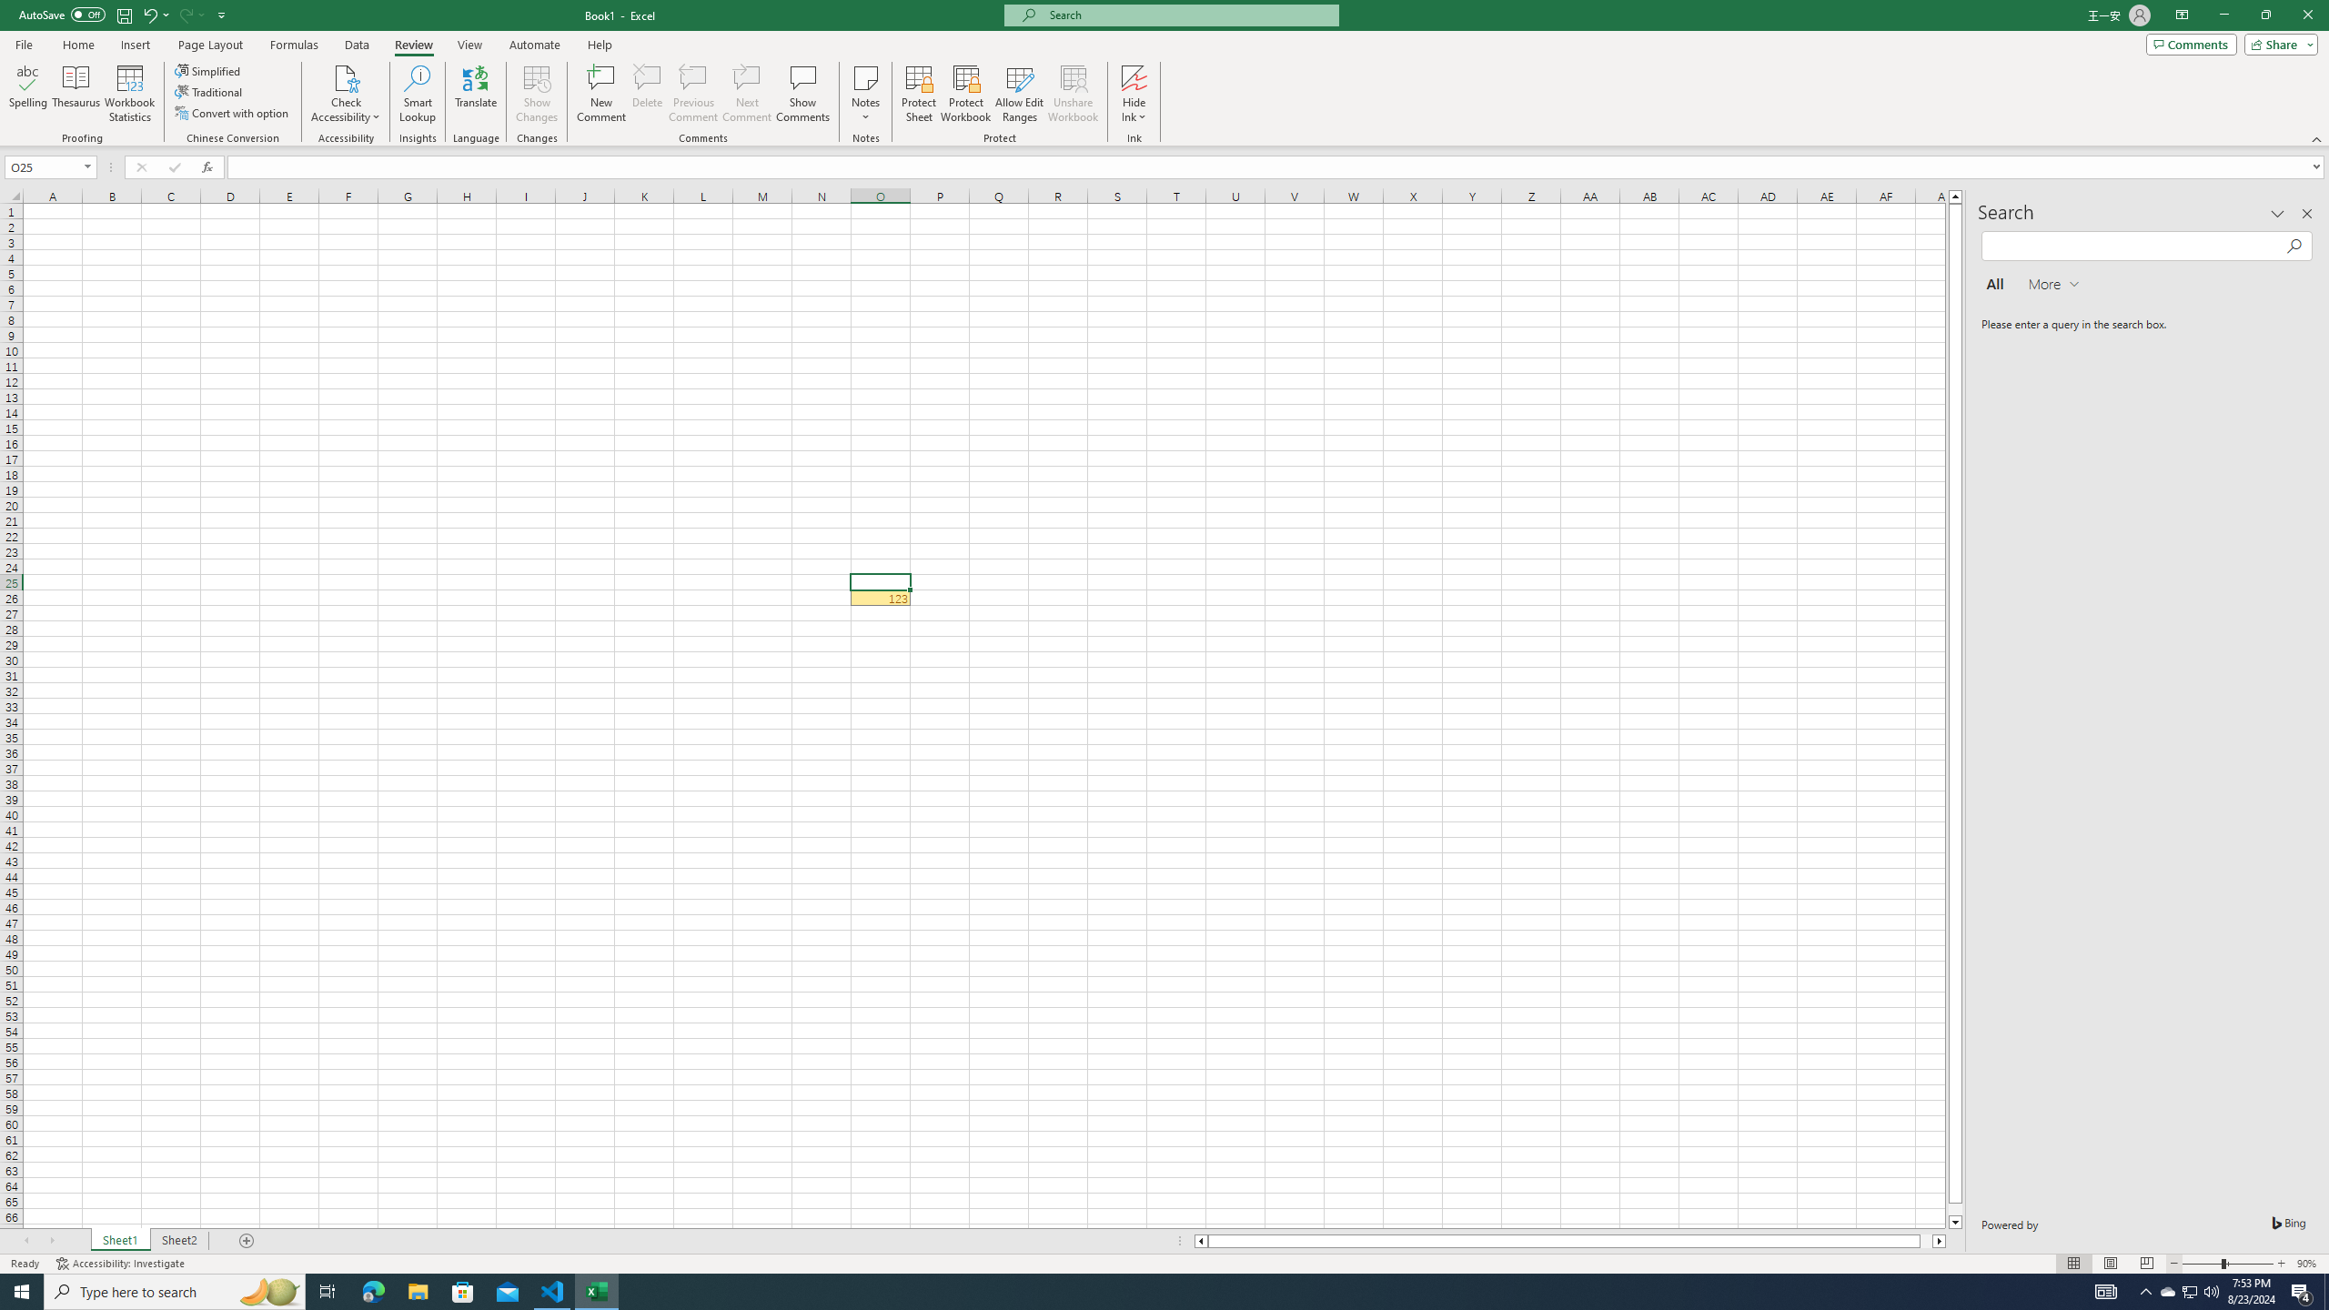 Image resolution: width=2329 pixels, height=1310 pixels. I want to click on 'Delete', so click(646, 94).